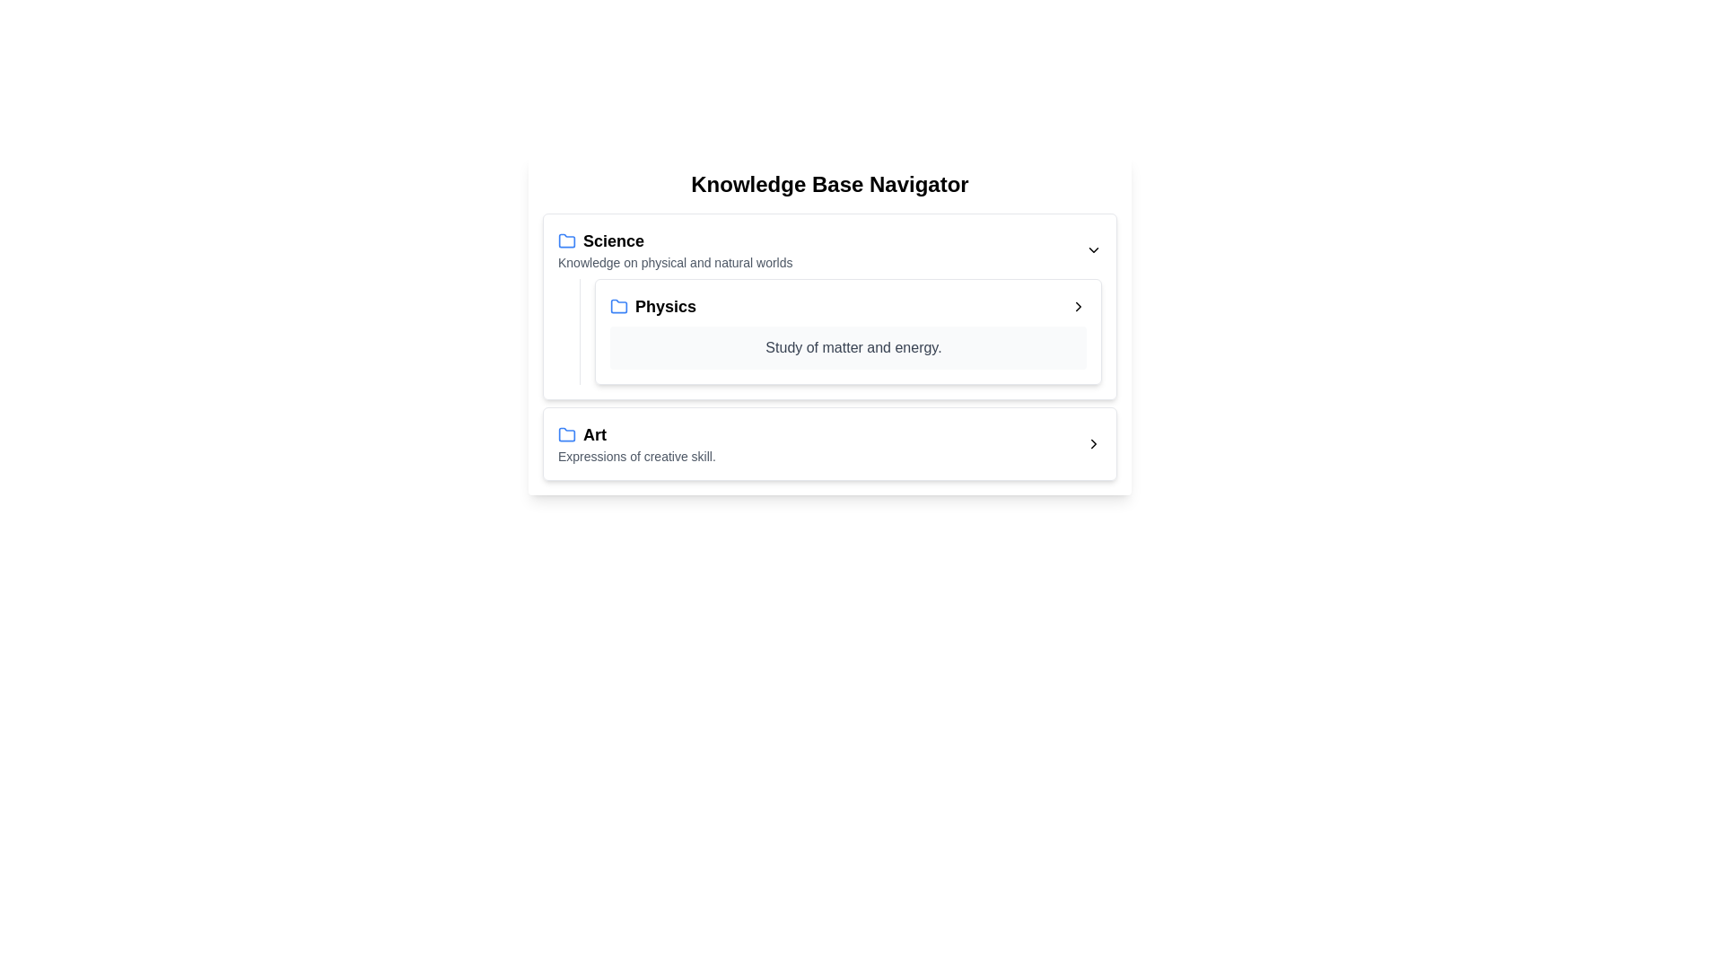 Image resolution: width=1723 pixels, height=969 pixels. I want to click on the blue folder icon located to the left of the 'Science' text label, so click(566, 240).